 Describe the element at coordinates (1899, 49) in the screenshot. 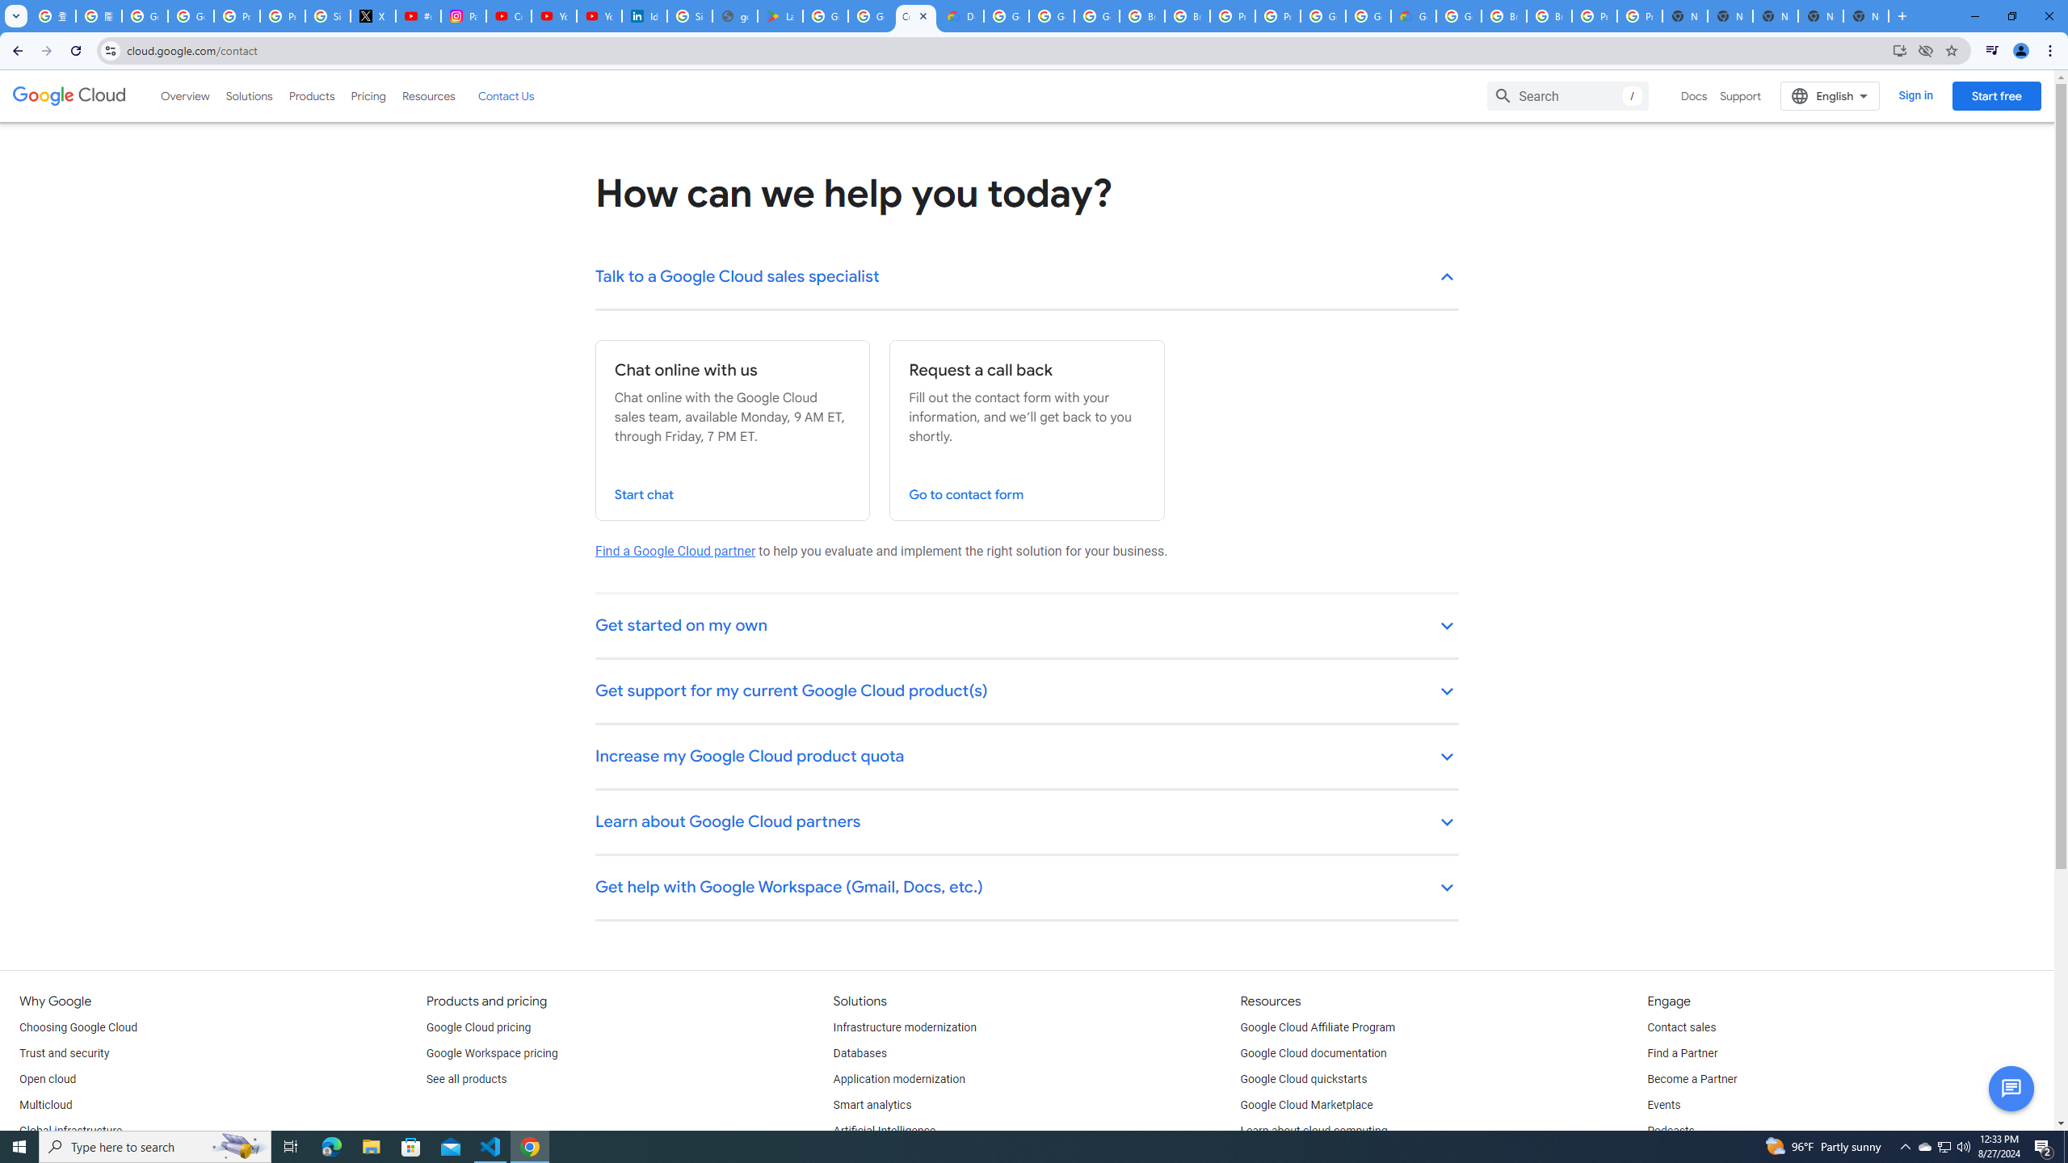

I see `'Install Google Cloud'` at that location.